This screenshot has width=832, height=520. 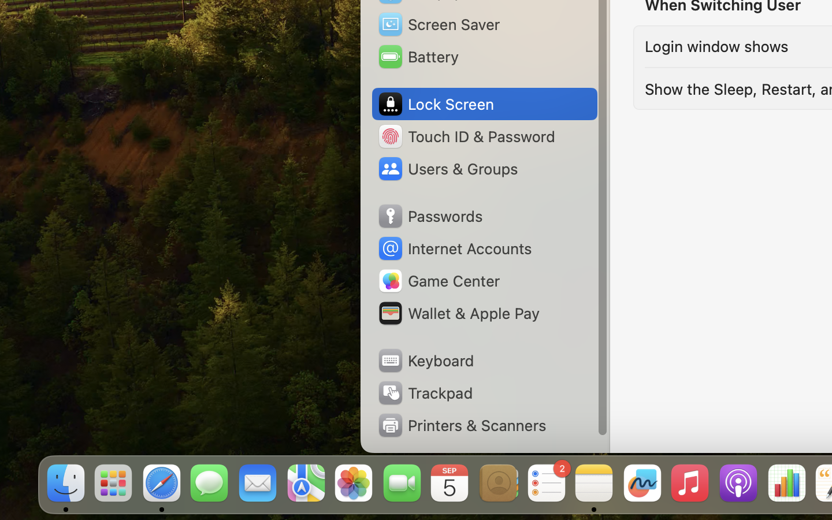 What do you see at coordinates (429, 216) in the screenshot?
I see `'Passwords'` at bounding box center [429, 216].